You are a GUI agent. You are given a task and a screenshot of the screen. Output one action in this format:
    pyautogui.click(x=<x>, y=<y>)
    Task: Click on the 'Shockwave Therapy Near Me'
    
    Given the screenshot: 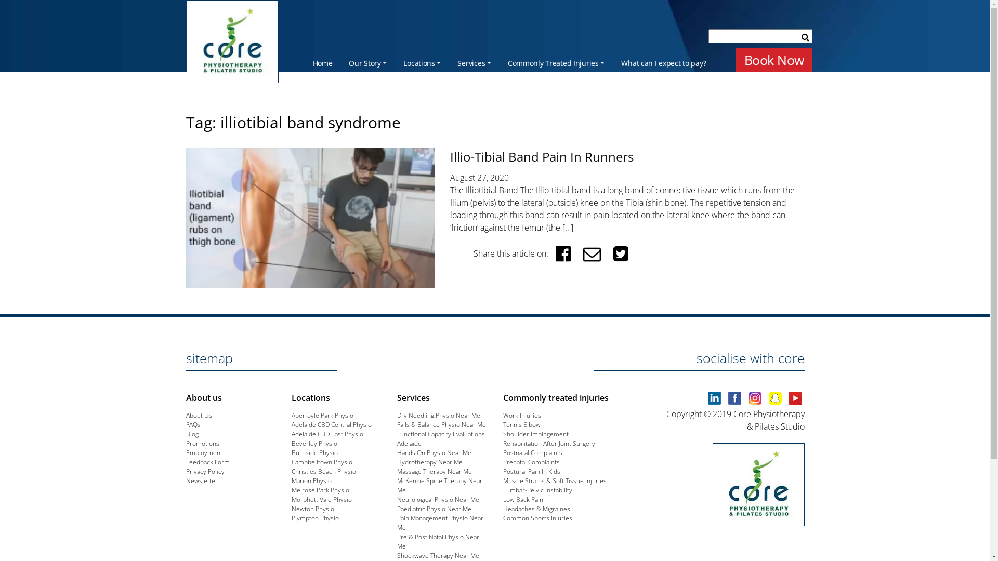 What is the action you would take?
    pyautogui.click(x=438, y=555)
    